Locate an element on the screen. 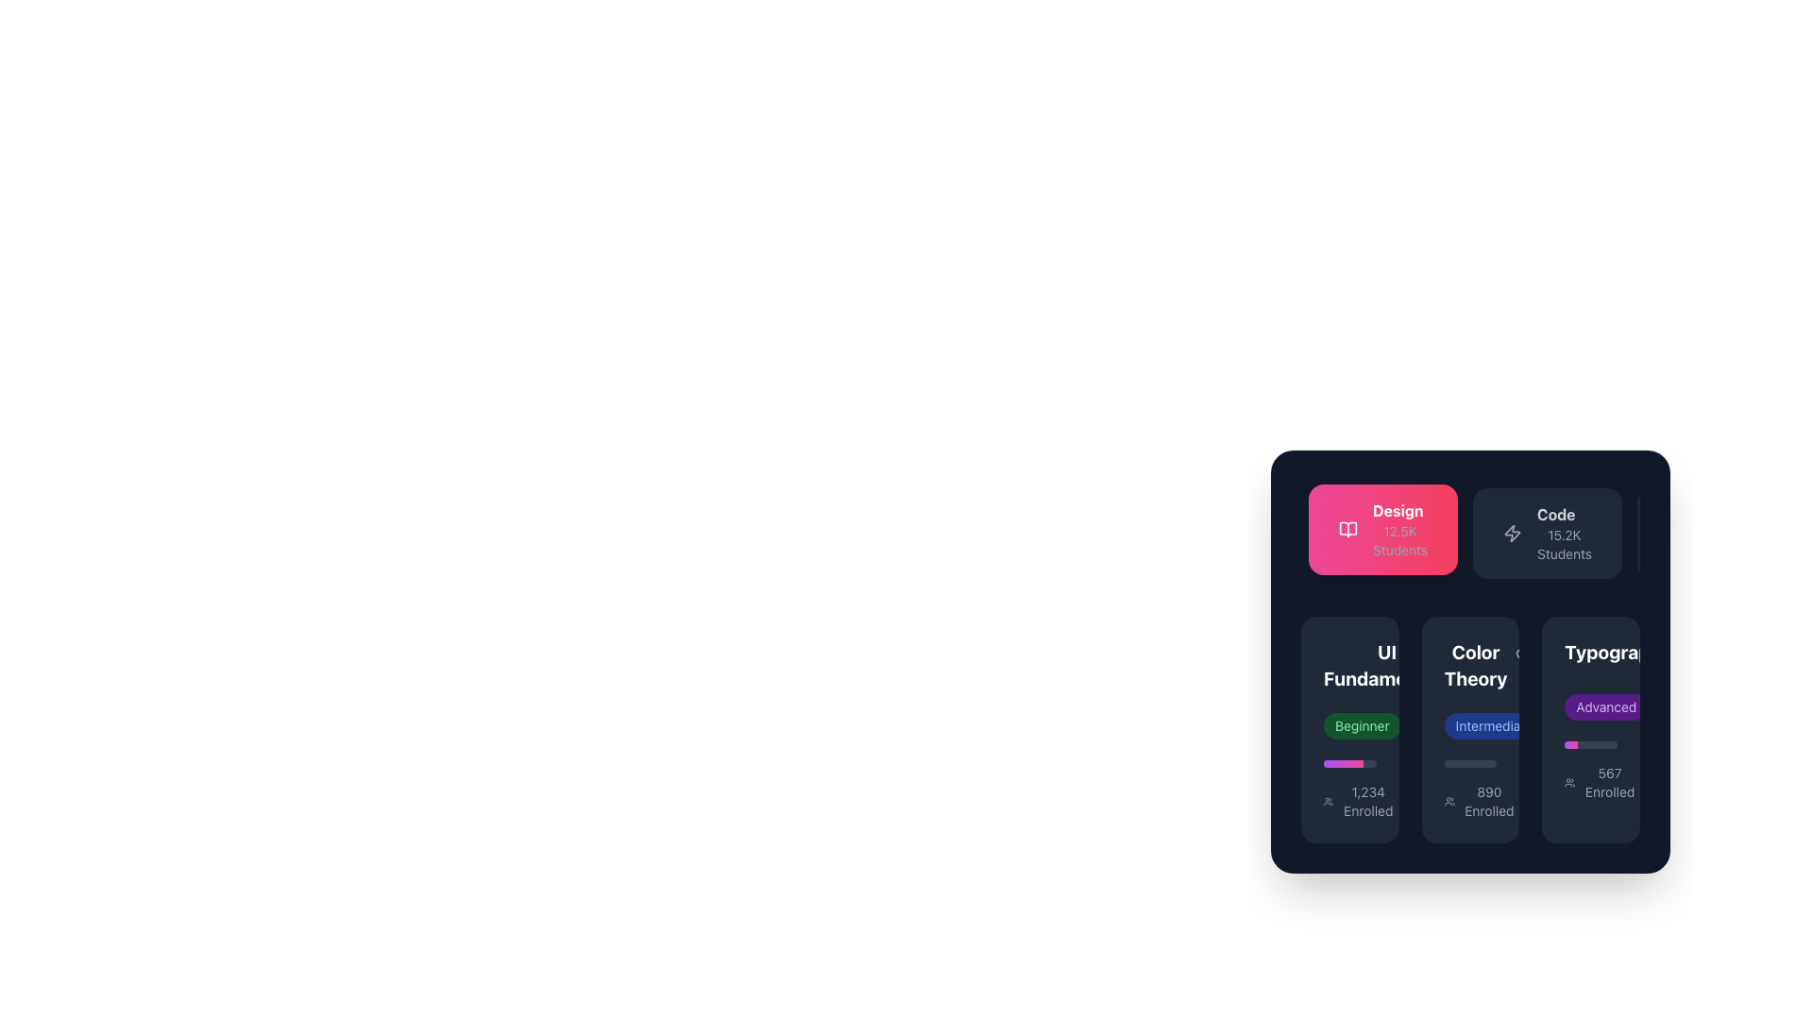 The height and width of the screenshot is (1020, 1813). the text label displaying '1,234 Enrolled' with a person group icon located at the bottom-left section of the 'UI Fundamentals' module is located at coordinates (1348, 801).